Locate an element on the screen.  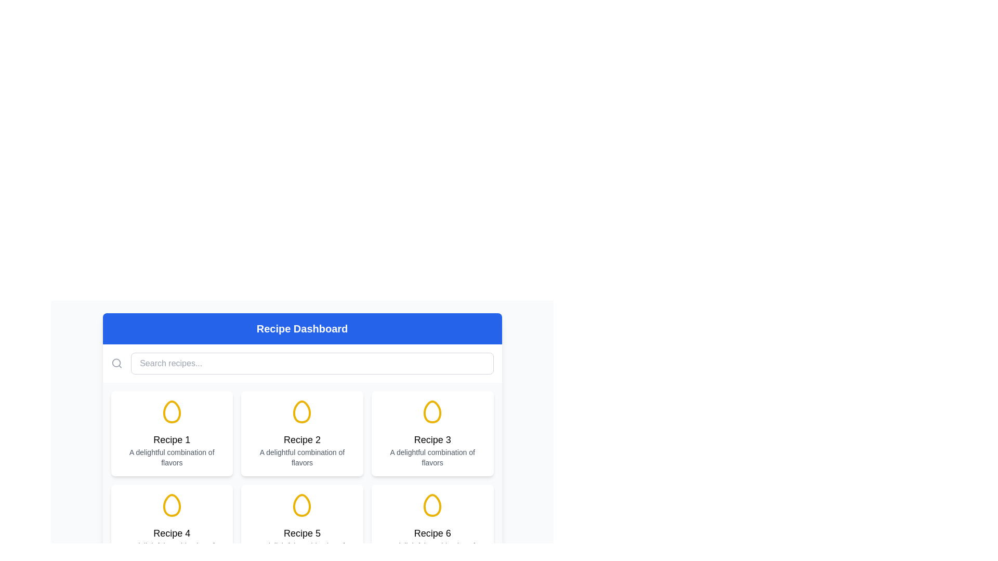
text content of the label displaying 'Recipe 6', which is styled with a medium-sized bold font, located within a white rounded rectangle card in the bottom-right corner of the grid is located at coordinates (432, 533).